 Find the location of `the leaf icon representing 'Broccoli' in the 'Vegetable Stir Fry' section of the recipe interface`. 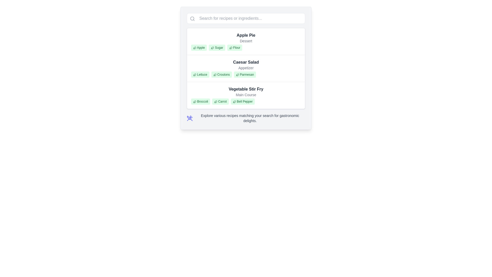

the leaf icon representing 'Broccoli' in the 'Vegetable Stir Fry' section of the recipe interface is located at coordinates (194, 102).